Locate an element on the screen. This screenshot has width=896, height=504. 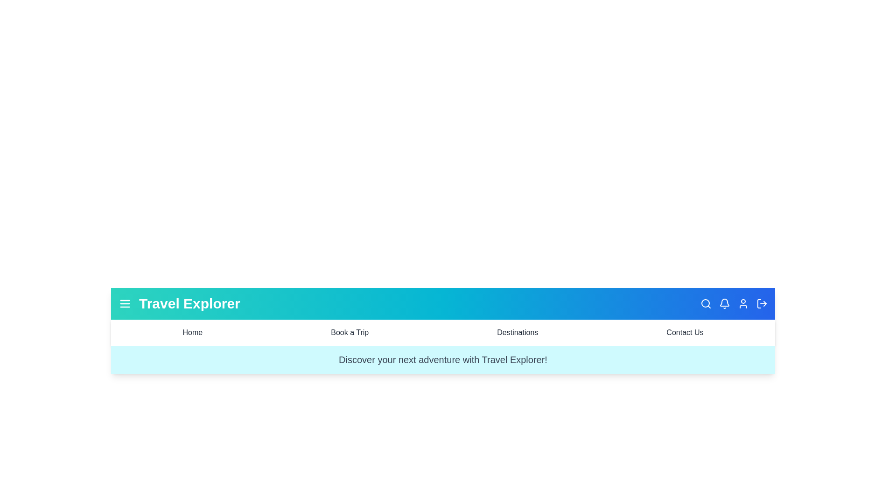
the navigation link labeled Contact Us is located at coordinates (685, 332).